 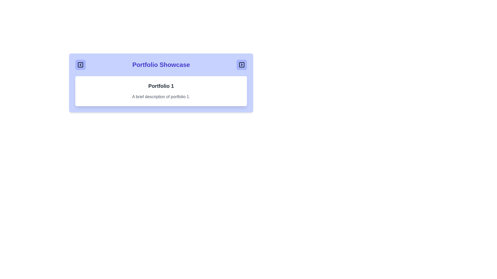 I want to click on the text block displaying 'Portfolio 1', which is styled in large, bold, dark gray characters within a white rectangular card at the top of a layout, so click(x=161, y=86).